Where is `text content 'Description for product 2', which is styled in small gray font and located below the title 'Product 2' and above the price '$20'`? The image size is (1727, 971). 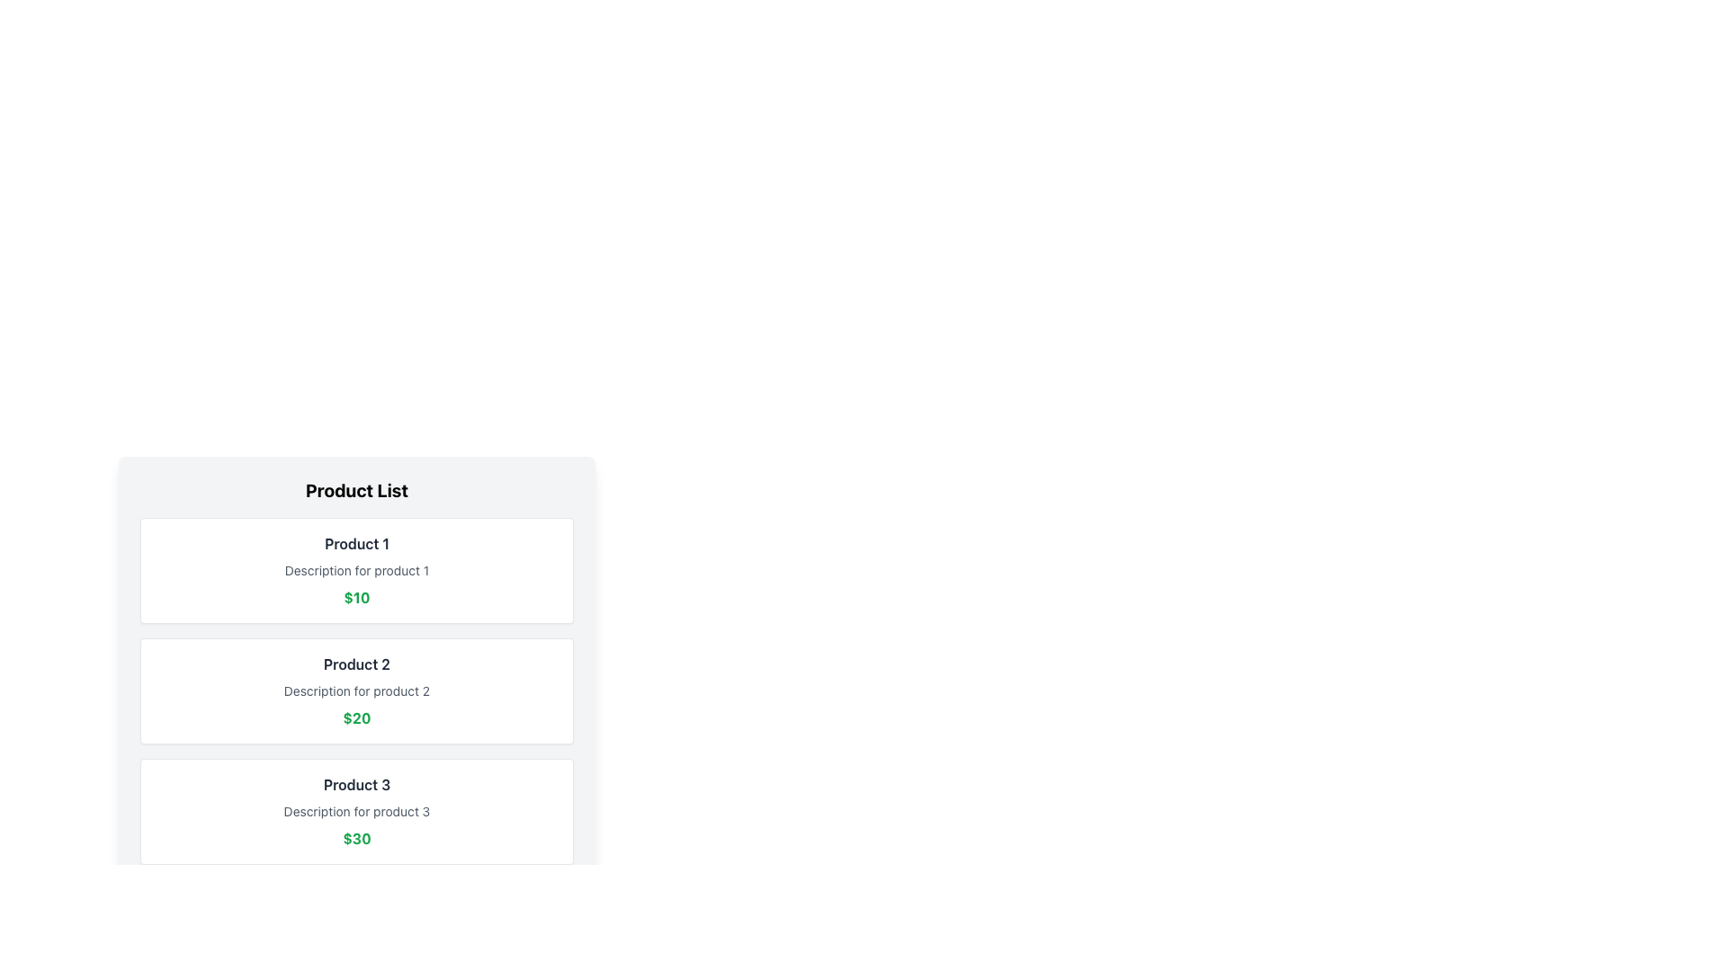
text content 'Description for product 2', which is styled in small gray font and located below the title 'Product 2' and above the price '$20' is located at coordinates (357, 690).